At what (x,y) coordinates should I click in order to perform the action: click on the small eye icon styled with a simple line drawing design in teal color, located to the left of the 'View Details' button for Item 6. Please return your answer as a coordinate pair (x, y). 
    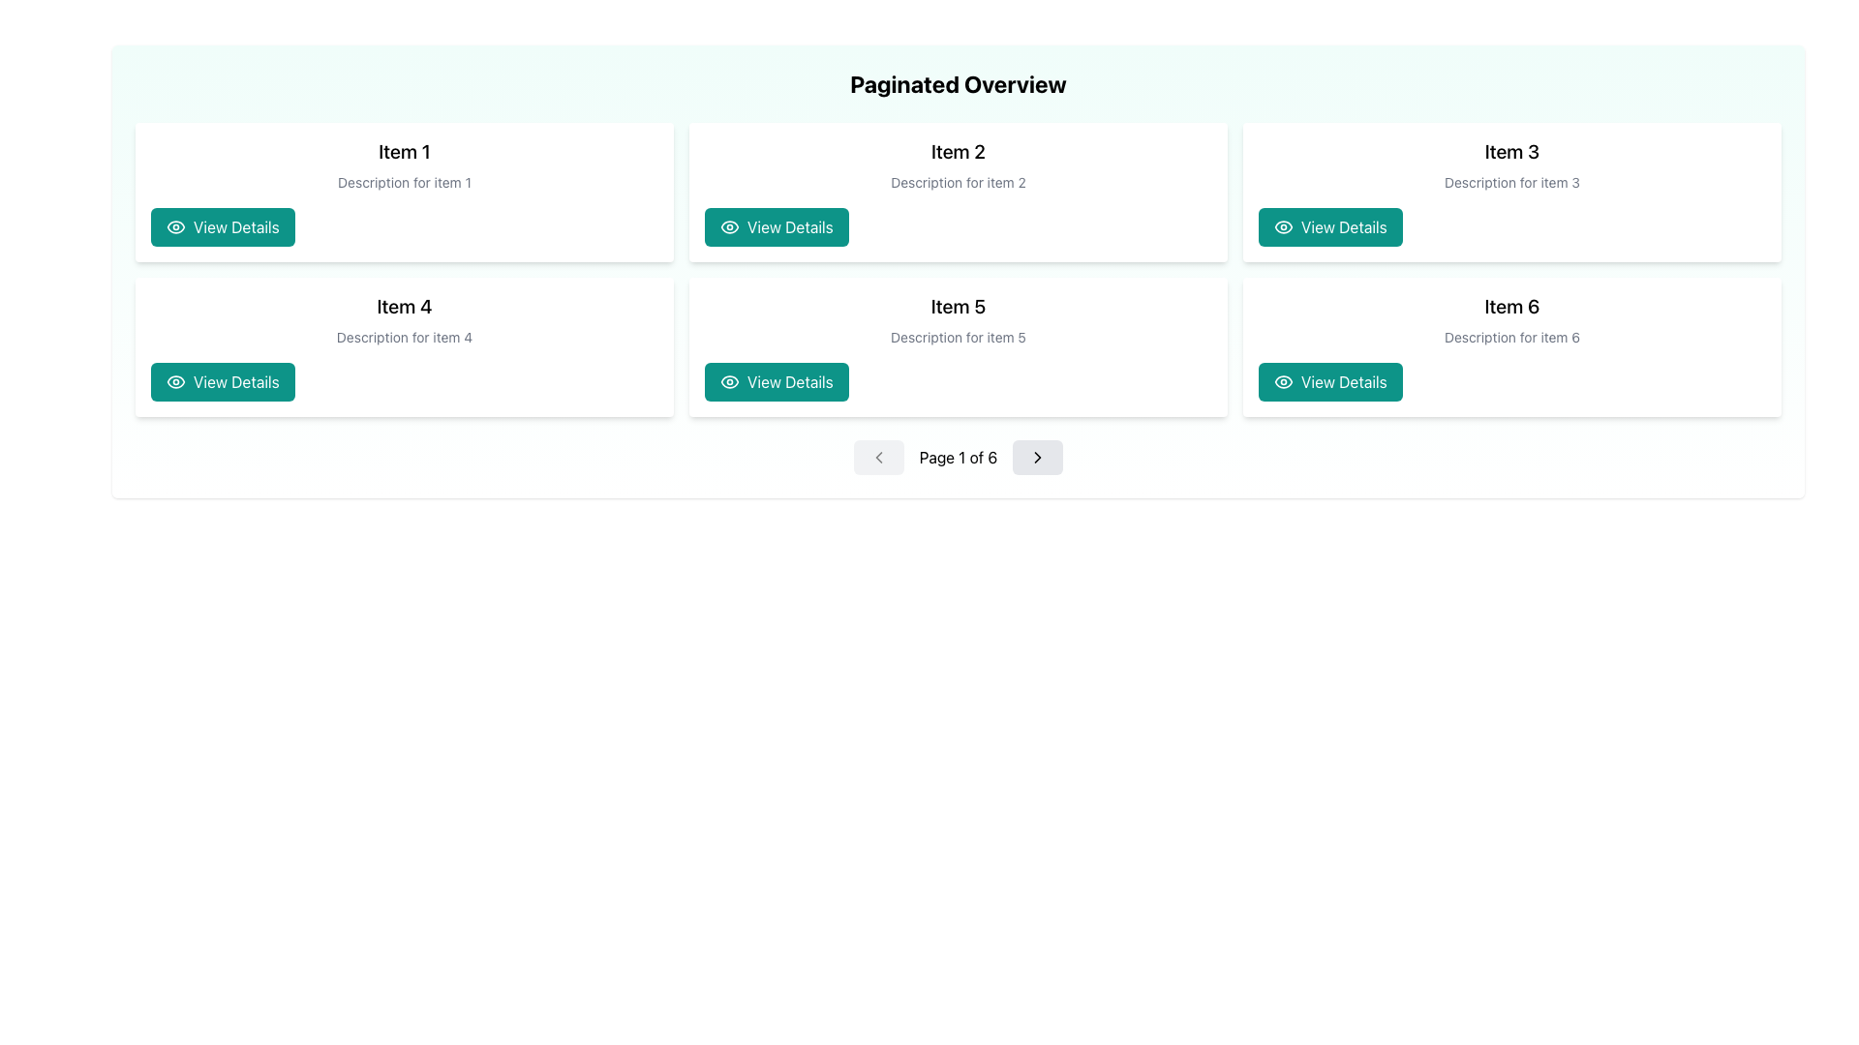
    Looking at the image, I should click on (1283, 381).